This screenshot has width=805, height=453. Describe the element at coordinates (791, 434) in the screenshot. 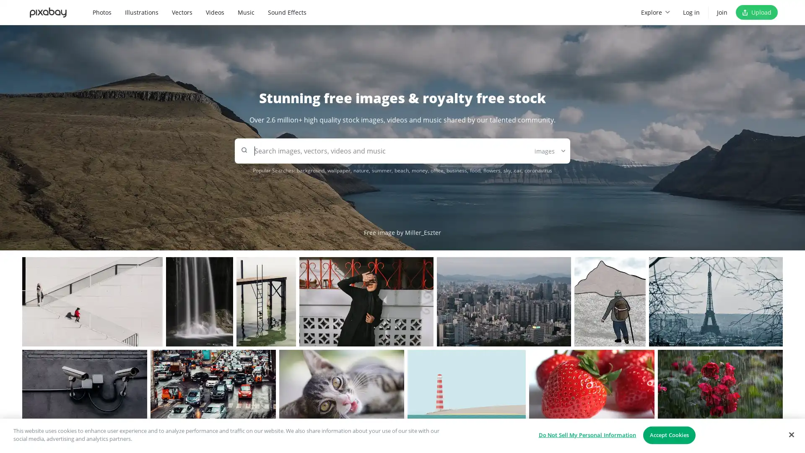

I see `Close` at that location.